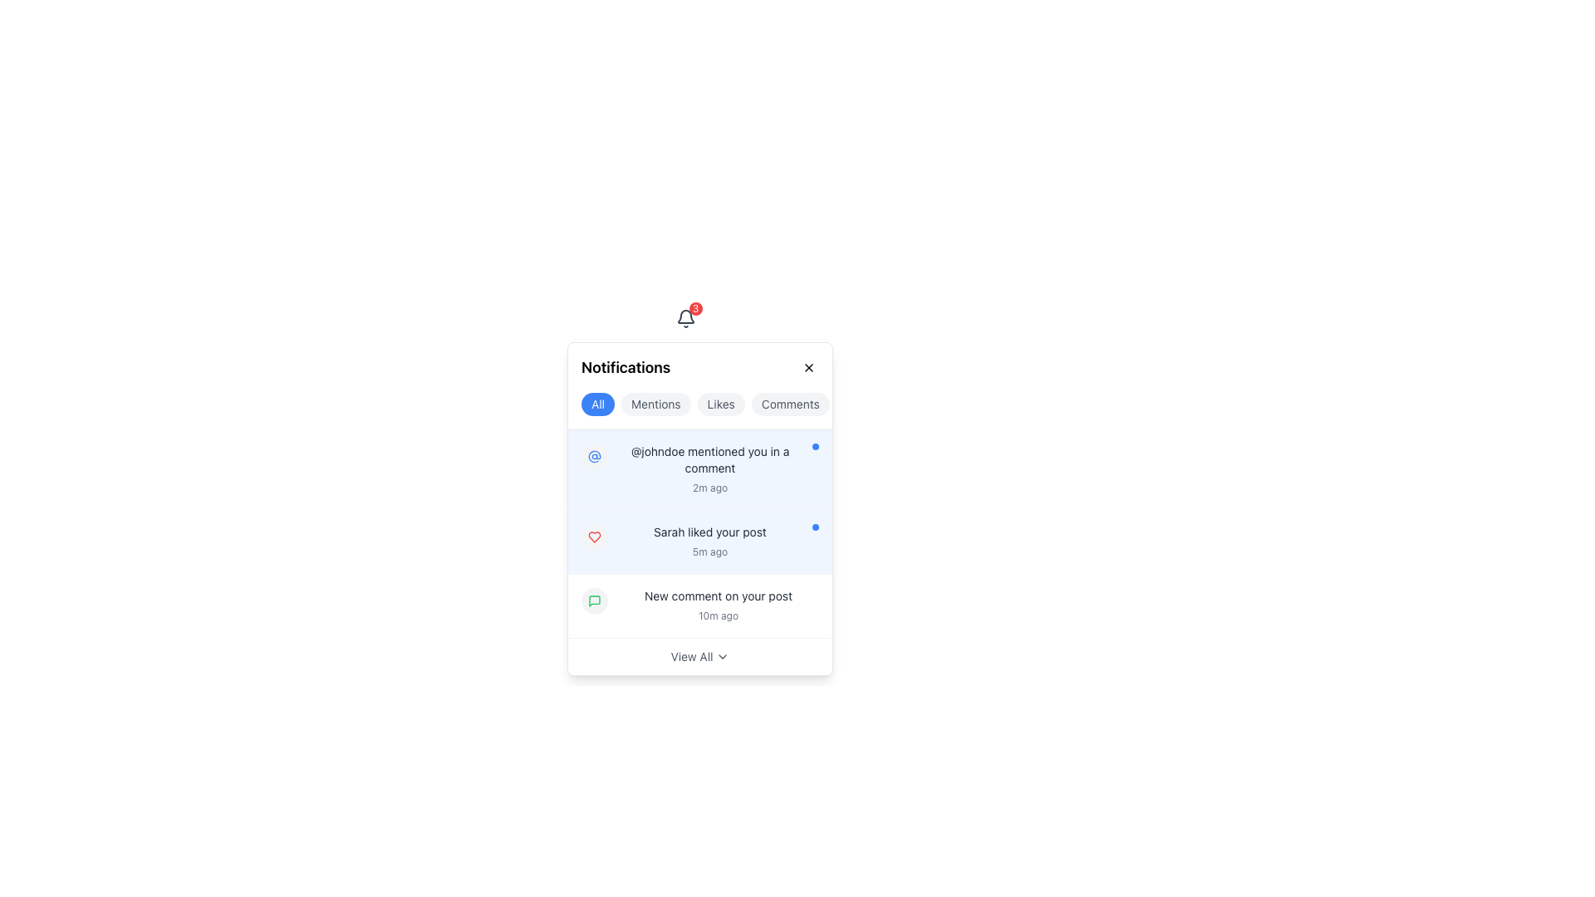 Image resolution: width=1595 pixels, height=897 pixels. Describe the element at coordinates (691, 655) in the screenshot. I see `the 'View All' button located at the bottom center of the notification panel using keyboard navigation` at that location.